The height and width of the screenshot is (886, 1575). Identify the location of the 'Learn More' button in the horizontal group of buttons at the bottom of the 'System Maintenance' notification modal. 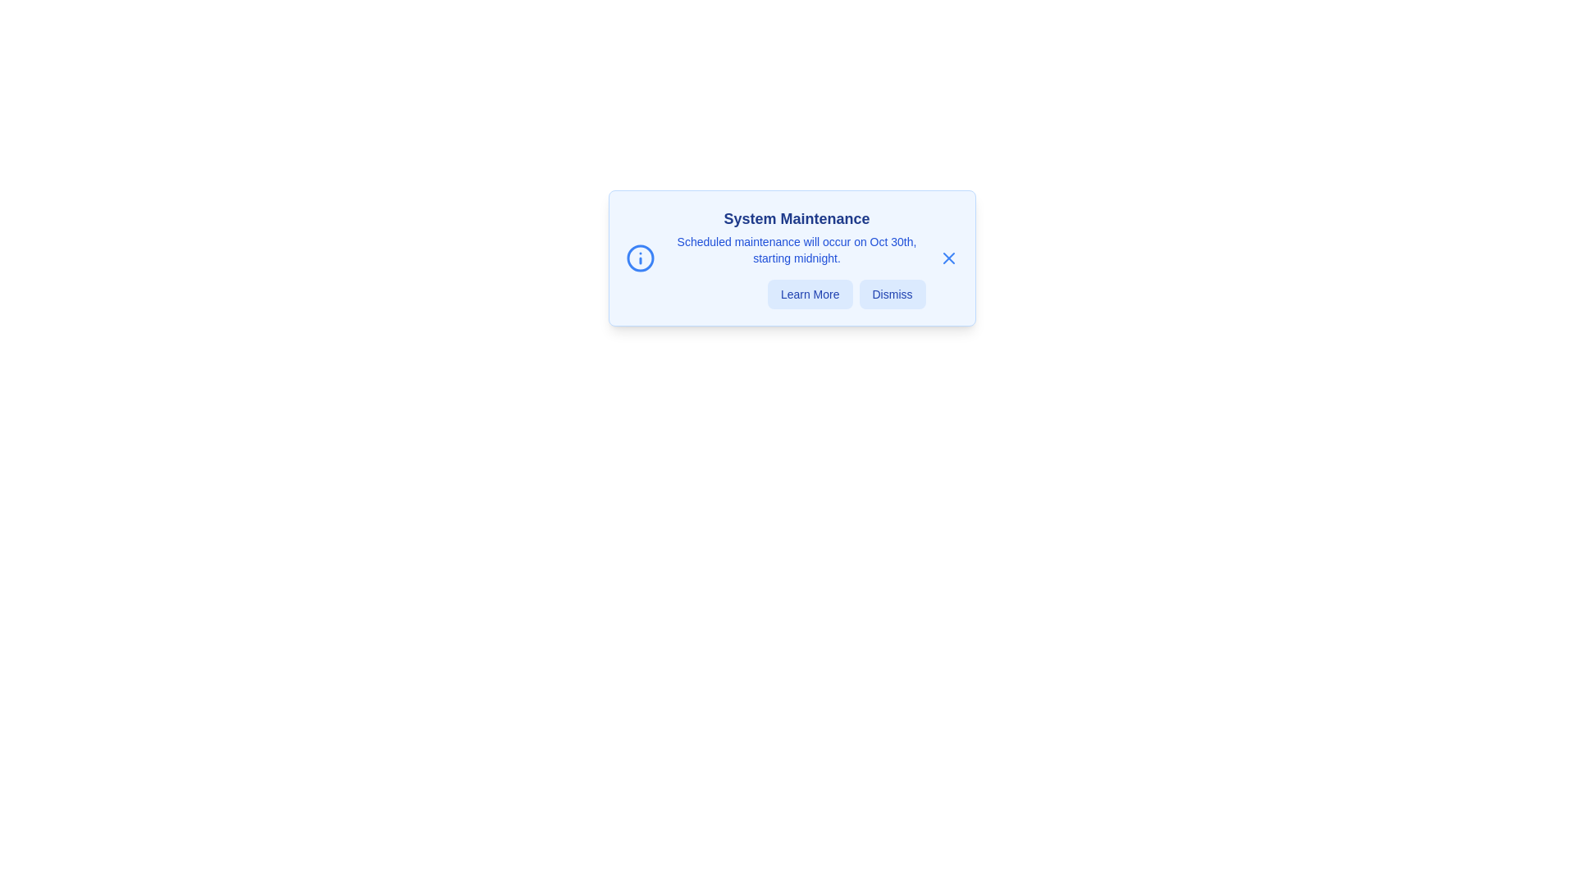
(797, 293).